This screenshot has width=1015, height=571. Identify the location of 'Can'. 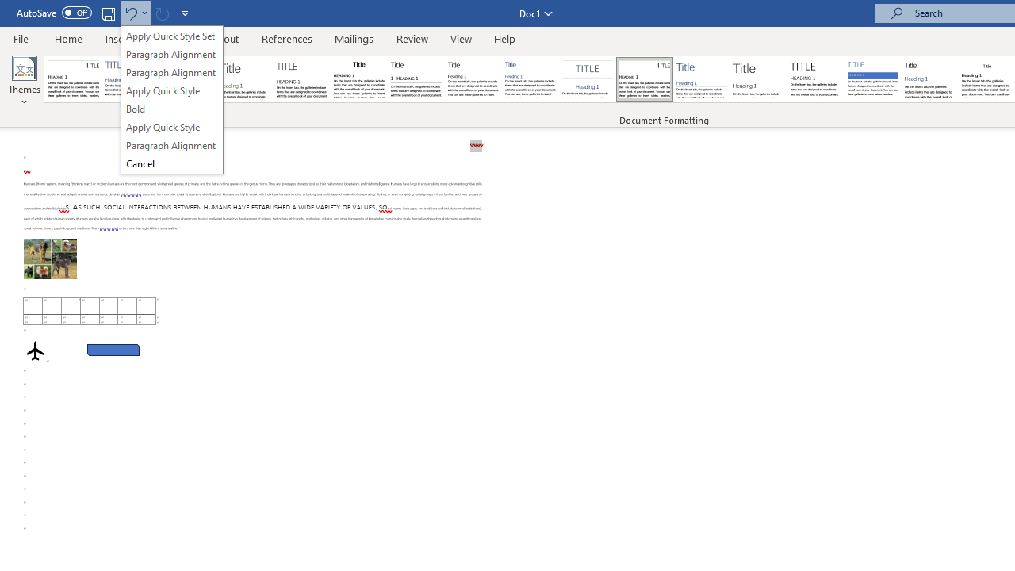
(162, 13).